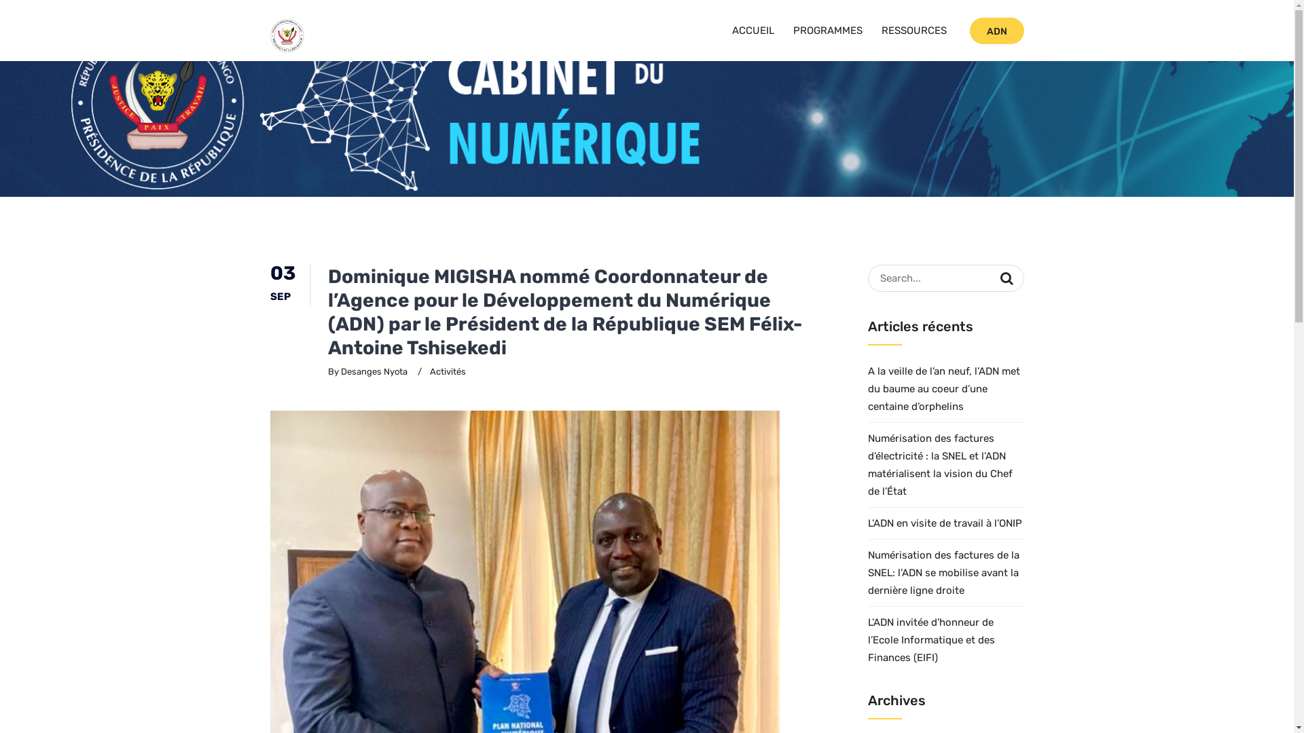 The width and height of the screenshot is (1304, 733). What do you see at coordinates (827, 31) in the screenshot?
I see `'PROGRAMMES'` at bounding box center [827, 31].